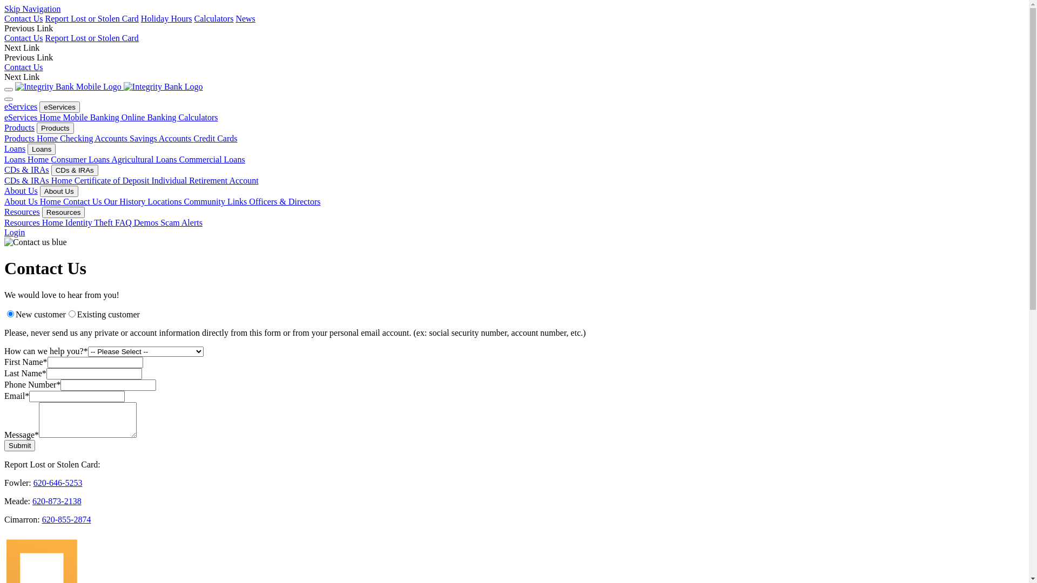 This screenshot has width=1037, height=583. I want to click on 'Resources Home', so click(35, 222).